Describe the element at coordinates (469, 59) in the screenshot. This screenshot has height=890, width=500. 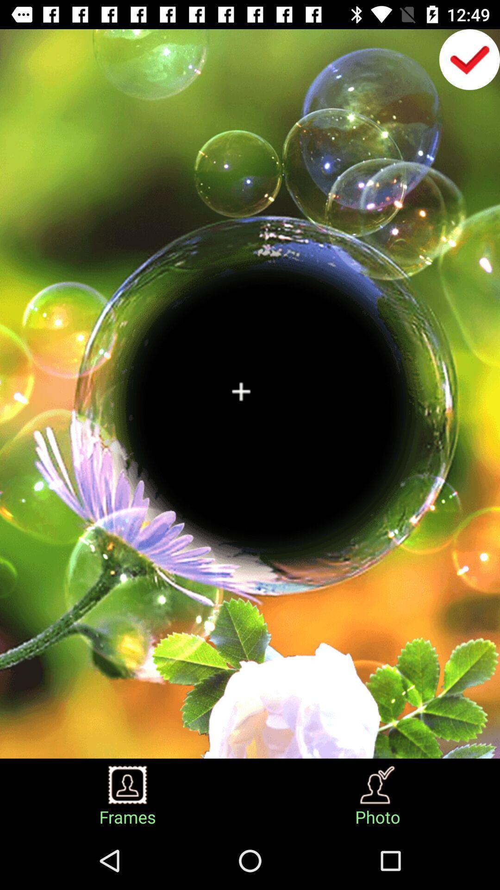
I see `the check icon` at that location.